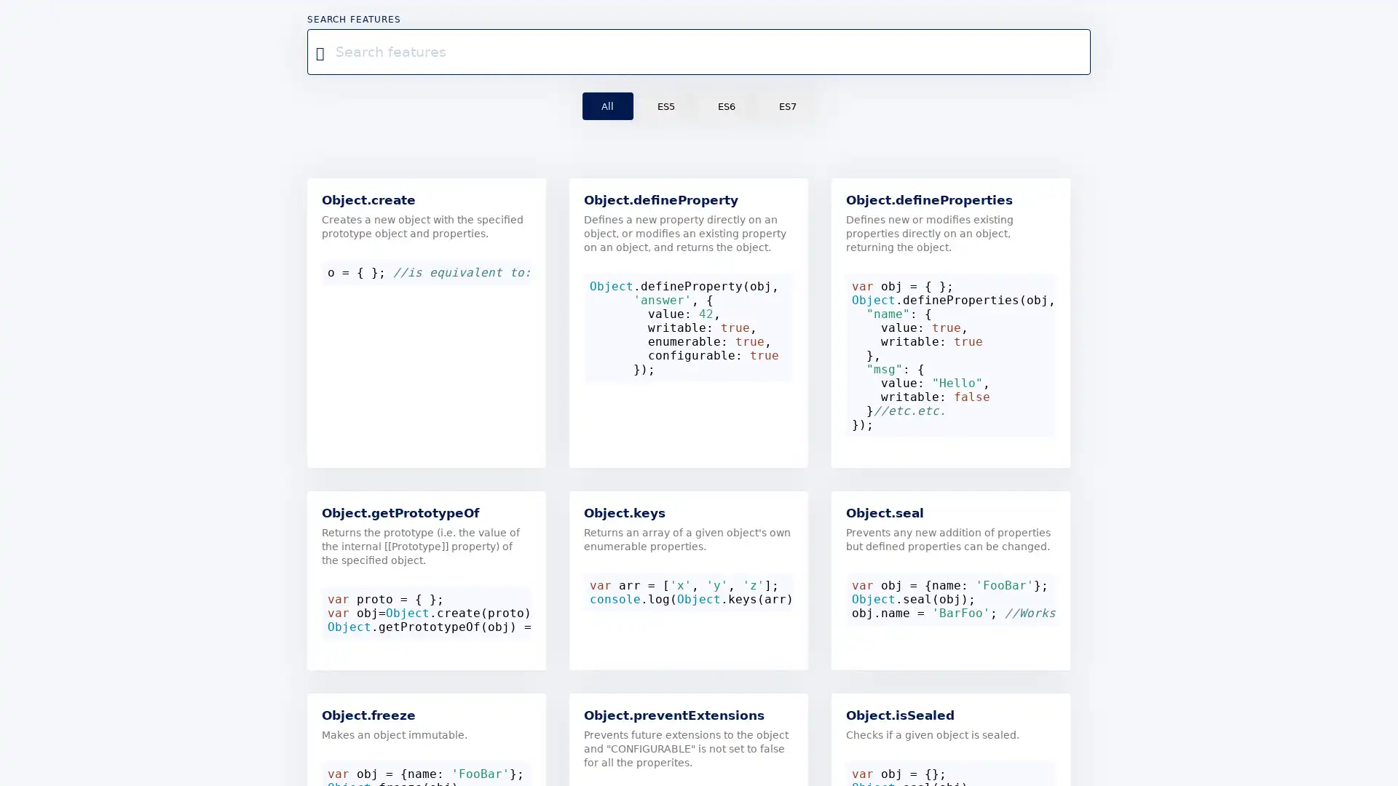  What do you see at coordinates (607, 105) in the screenshot?
I see `All` at bounding box center [607, 105].